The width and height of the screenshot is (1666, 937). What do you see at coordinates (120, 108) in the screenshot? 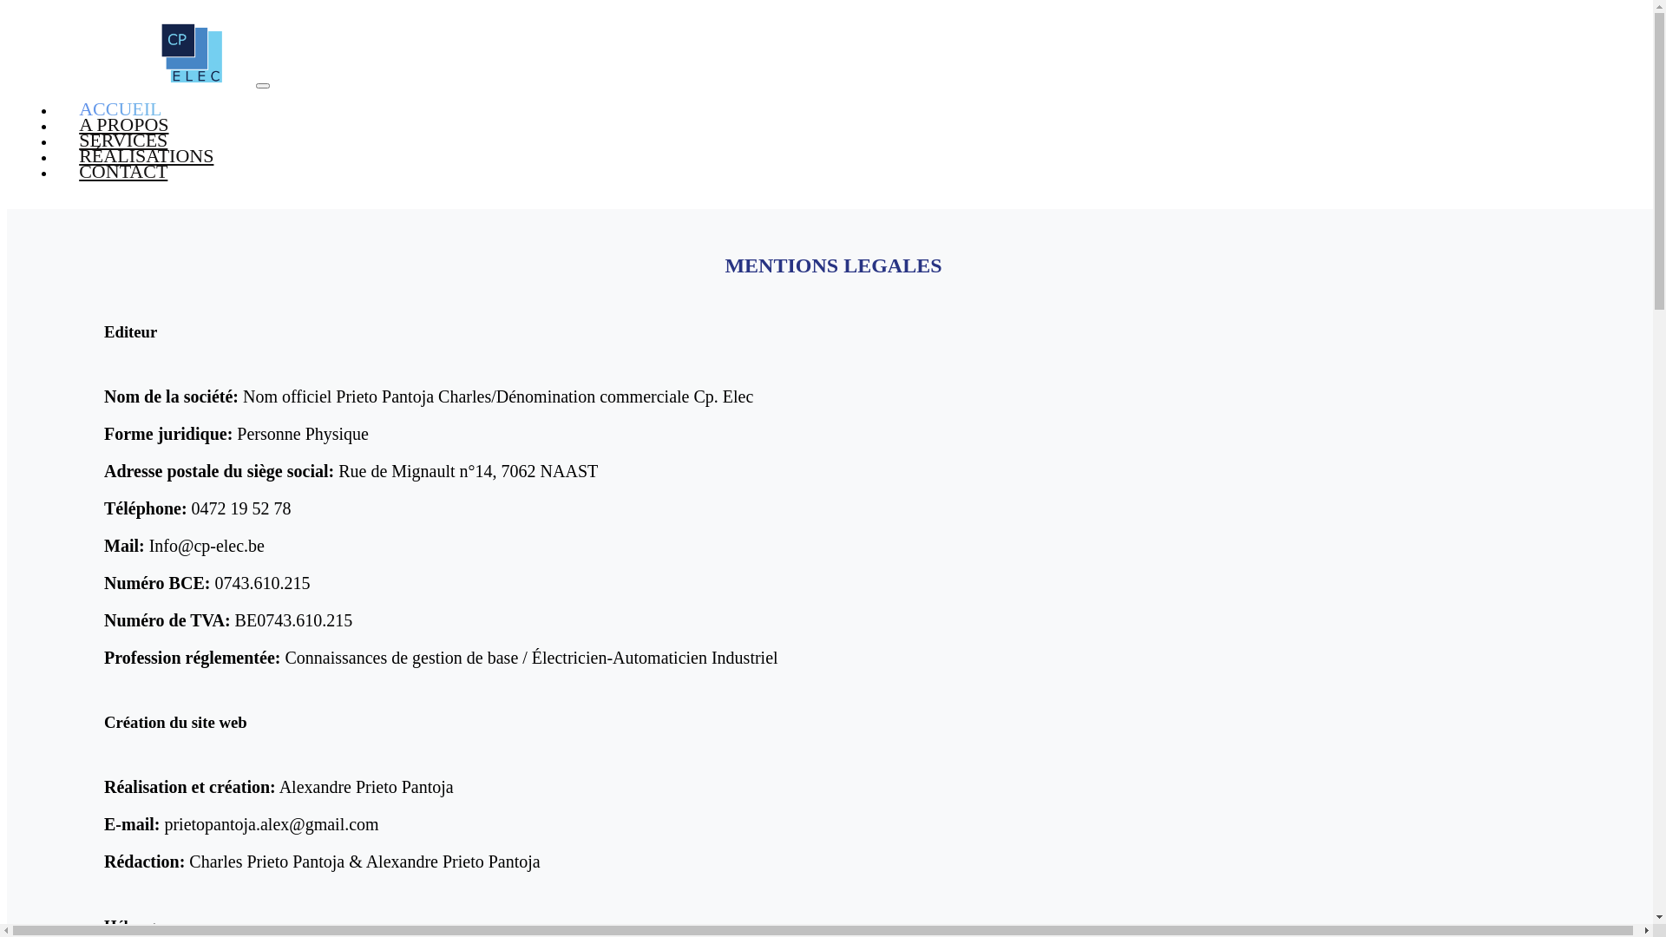
I see `'ACCUEIL'` at bounding box center [120, 108].